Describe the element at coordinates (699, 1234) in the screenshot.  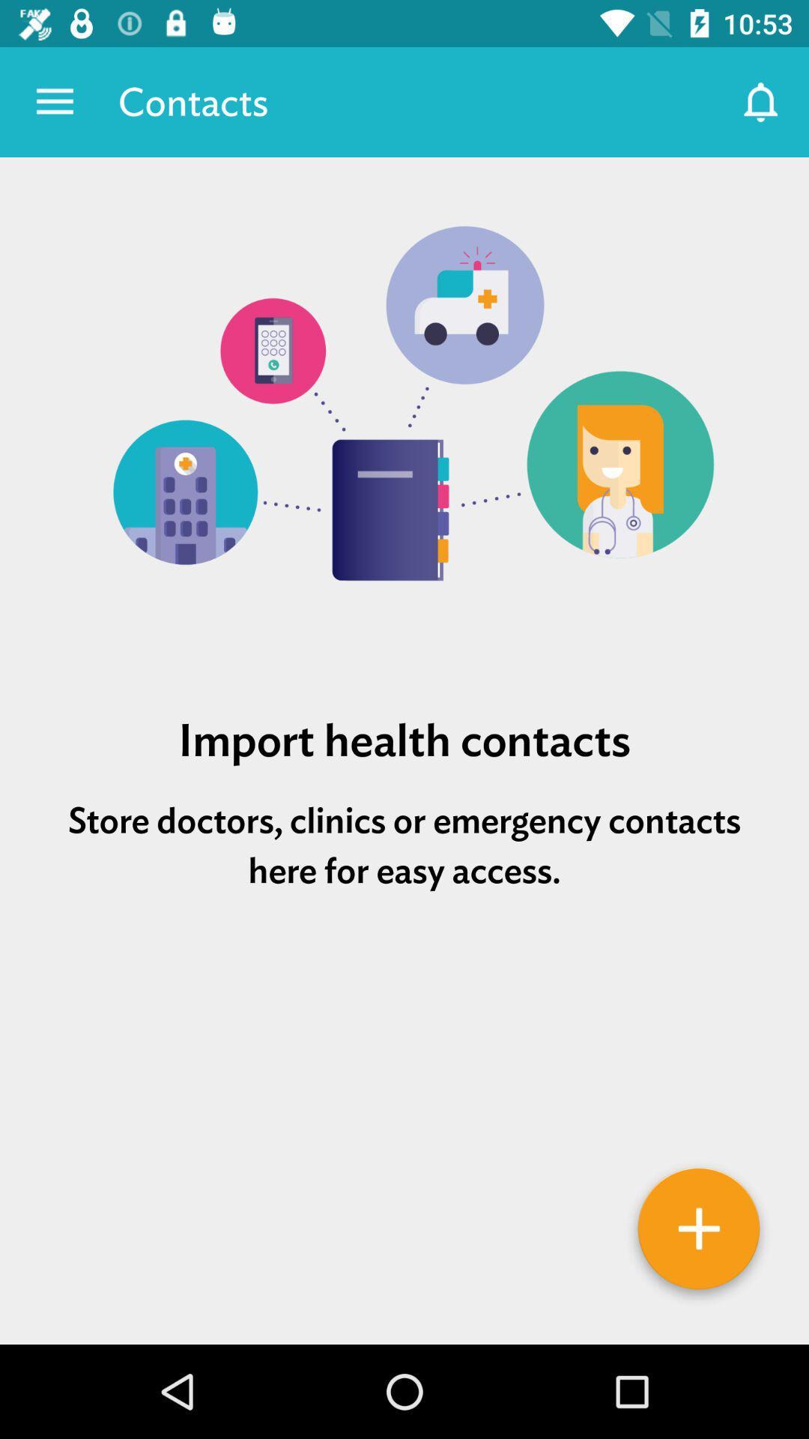
I see `contacts` at that location.